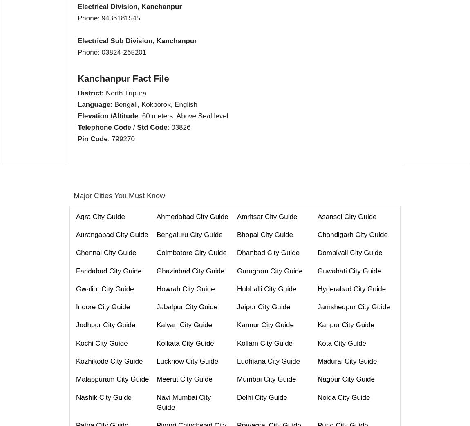 Image resolution: width=470 pixels, height=426 pixels. Describe the element at coordinates (236, 397) in the screenshot. I see `'Delhi City Guide'` at that location.